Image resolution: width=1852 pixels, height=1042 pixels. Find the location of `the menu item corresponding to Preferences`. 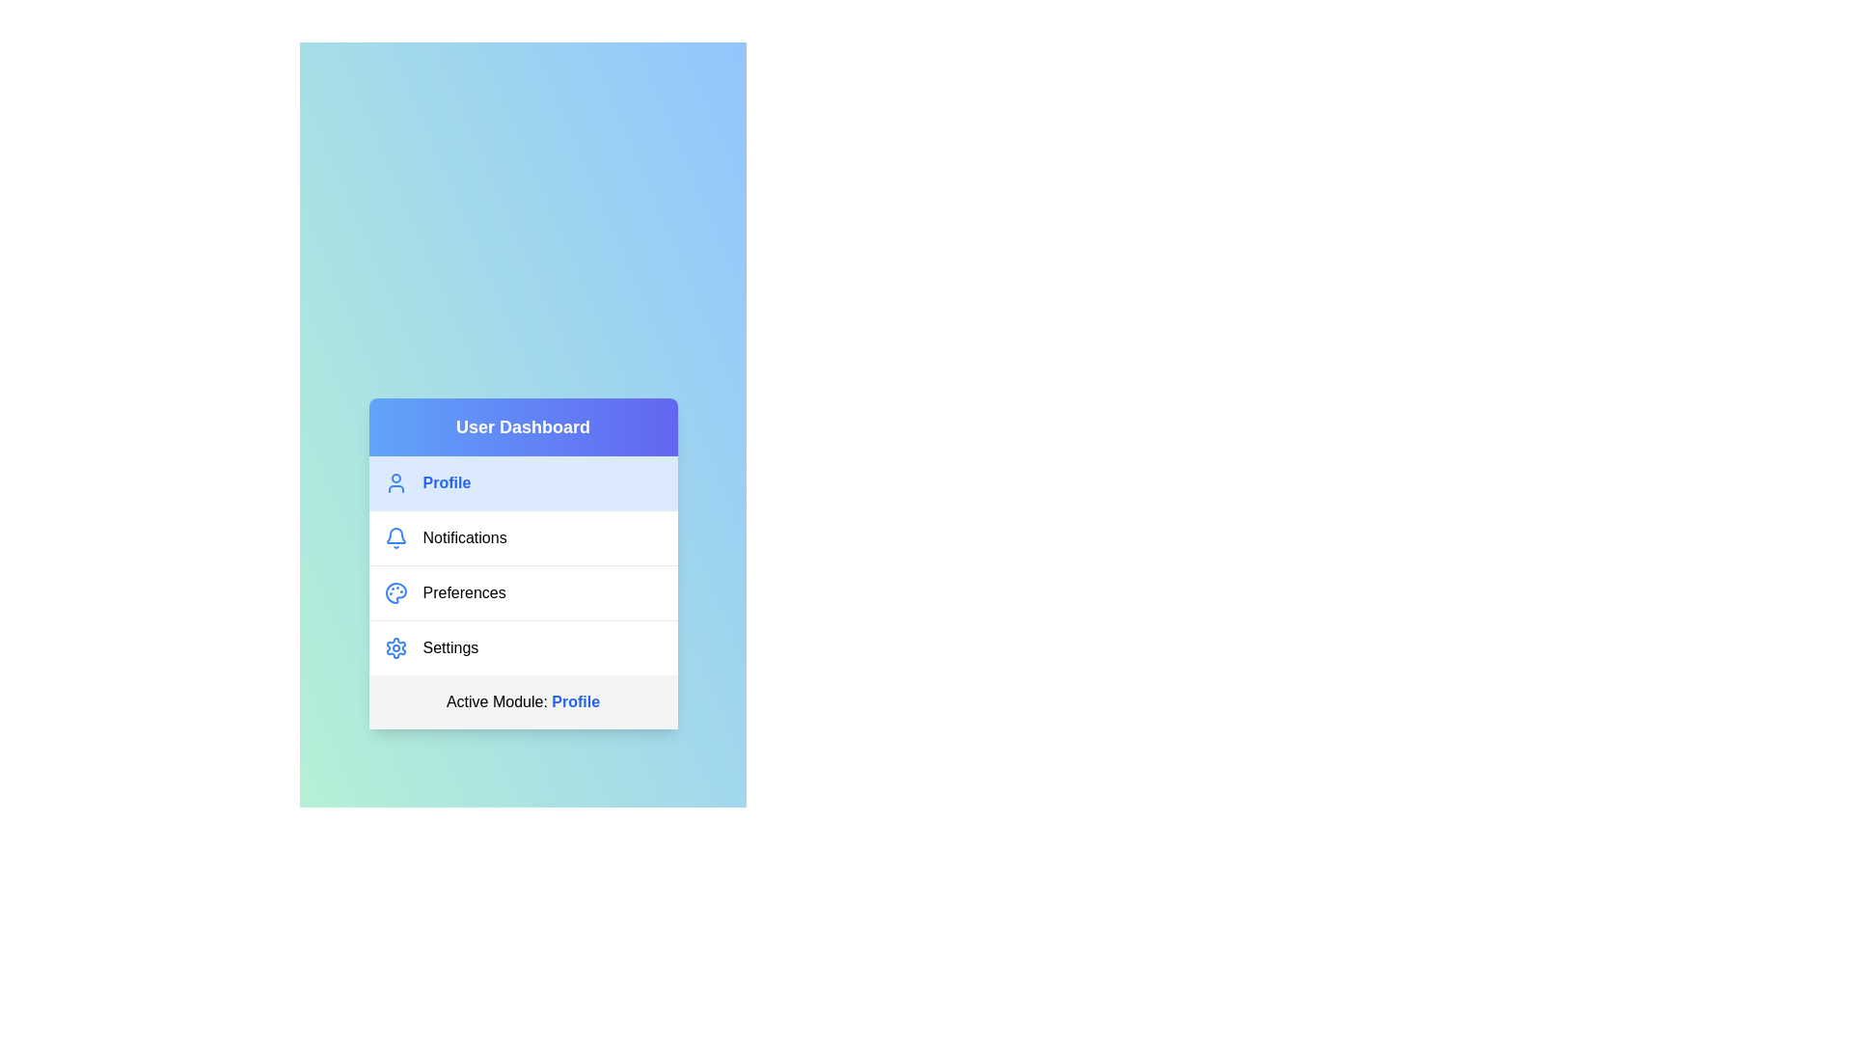

the menu item corresponding to Preferences is located at coordinates (523, 590).